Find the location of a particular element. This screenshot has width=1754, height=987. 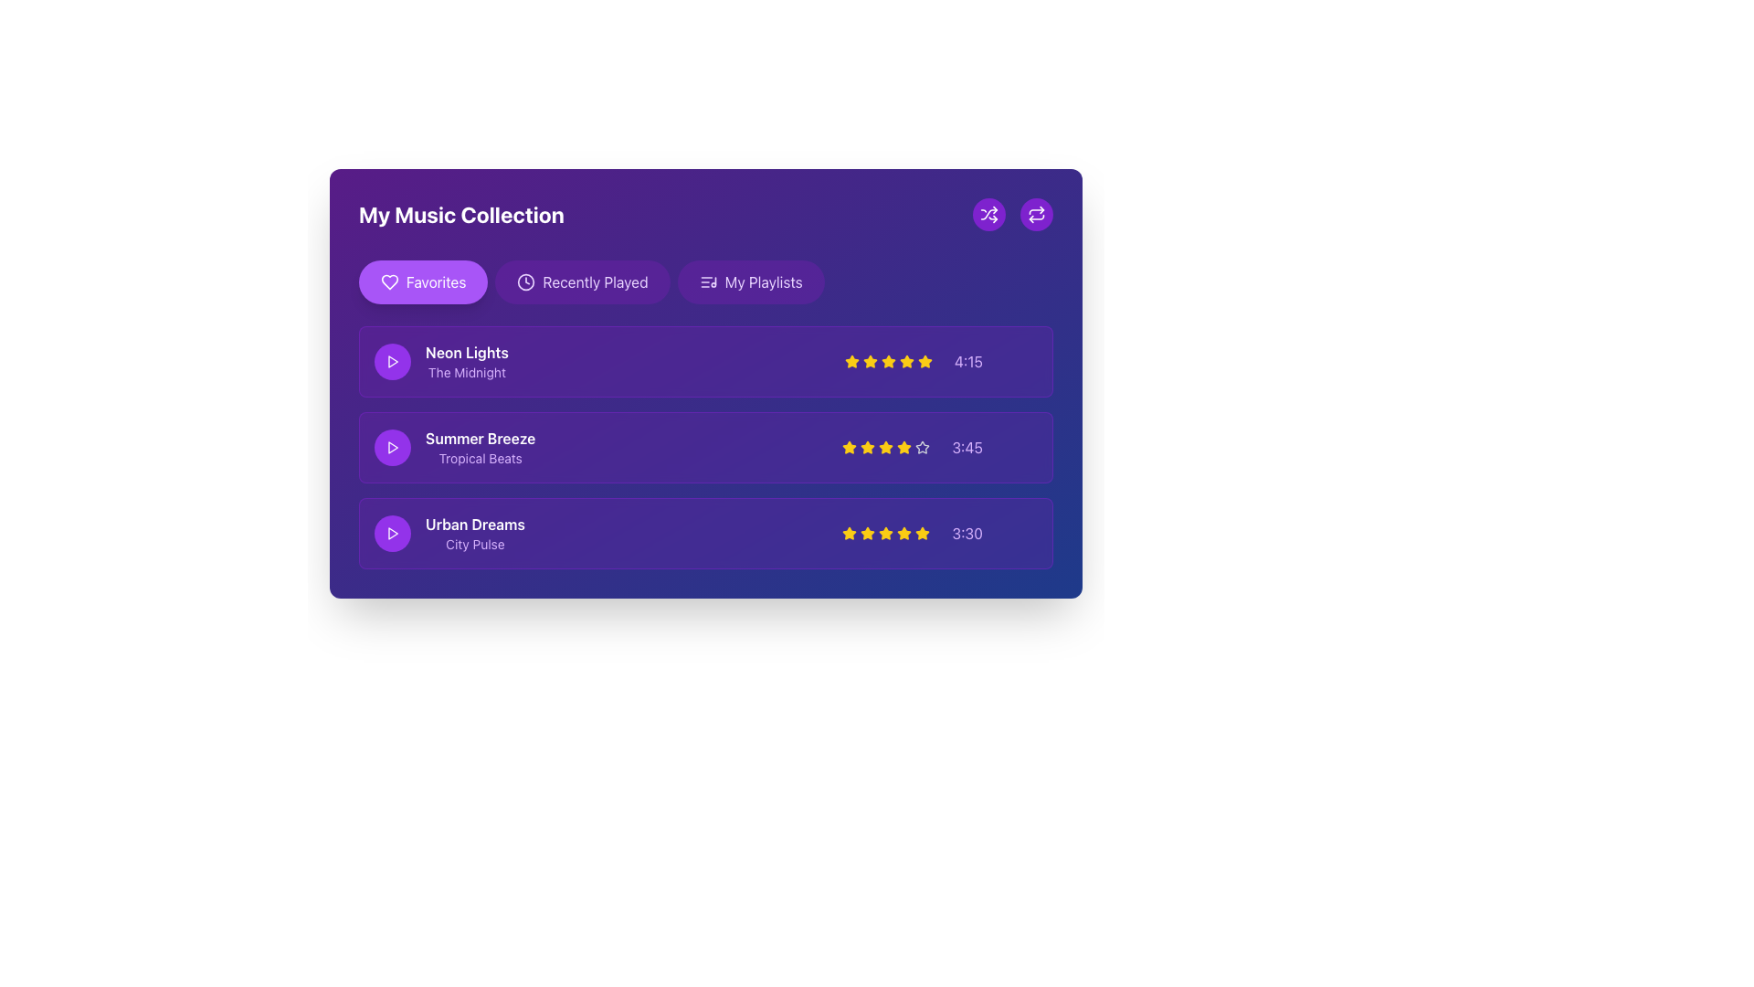

the circular button with a purple background and a white refresh icon, which is located at the top right section of the interface, immediately to the right of the shuffle icon button is located at coordinates (1036, 214).